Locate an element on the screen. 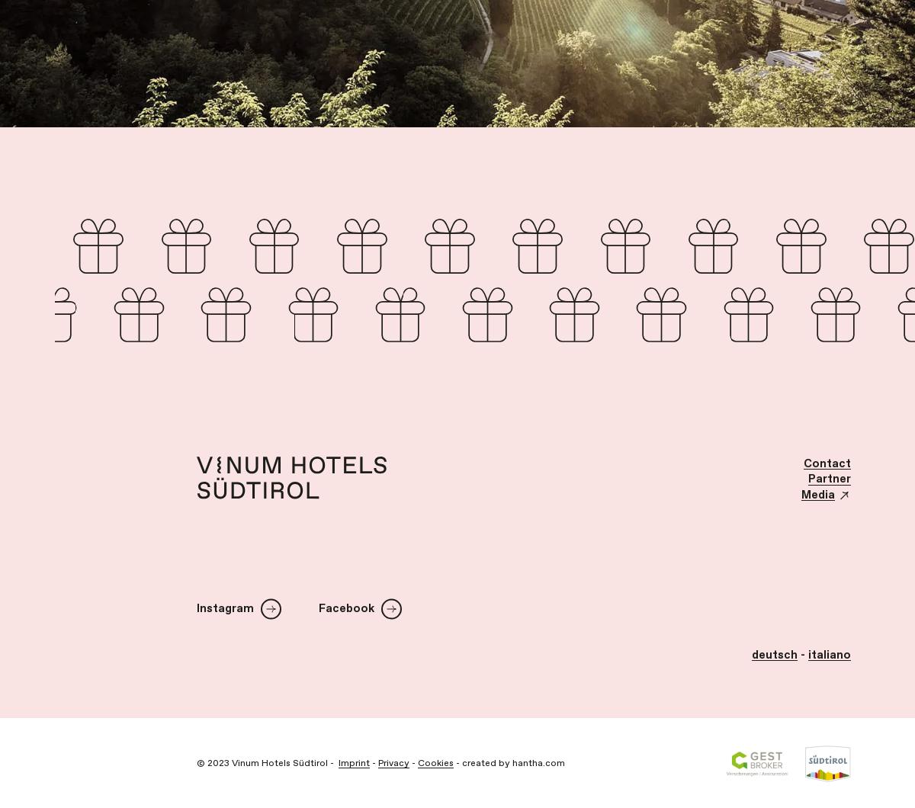 This screenshot has height=808, width=915. 'Contact' is located at coordinates (802, 463).